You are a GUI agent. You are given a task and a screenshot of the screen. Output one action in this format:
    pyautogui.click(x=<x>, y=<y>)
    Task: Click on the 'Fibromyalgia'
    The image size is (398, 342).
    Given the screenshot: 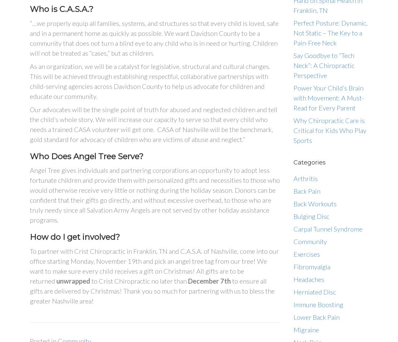 What is the action you would take?
    pyautogui.click(x=312, y=266)
    